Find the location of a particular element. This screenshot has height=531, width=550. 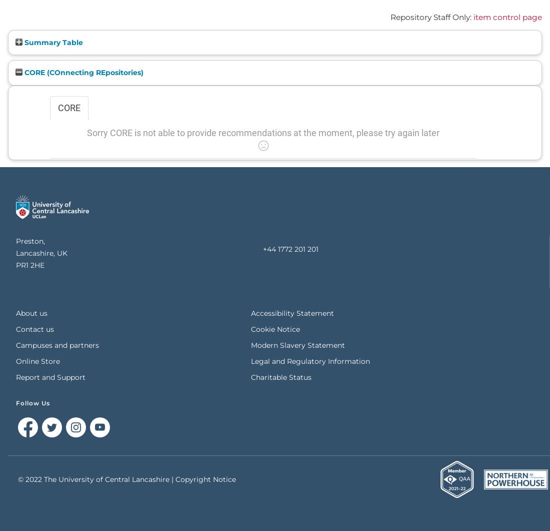

'Summary Table' is located at coordinates (21, 42).